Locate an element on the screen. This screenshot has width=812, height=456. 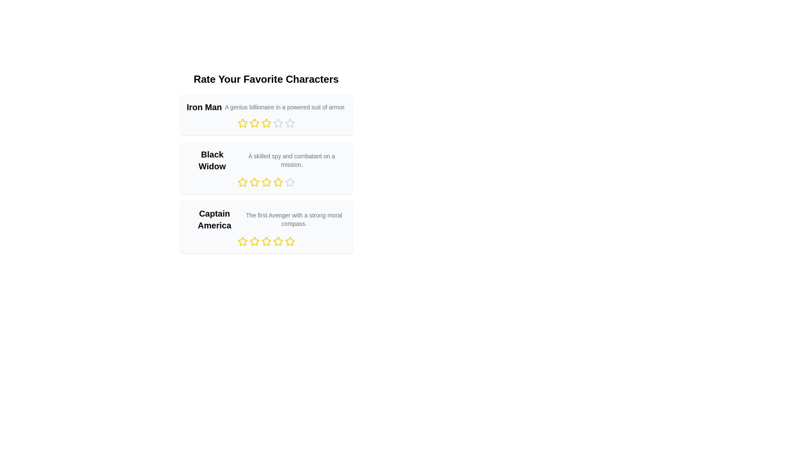
the third star is located at coordinates (266, 182).